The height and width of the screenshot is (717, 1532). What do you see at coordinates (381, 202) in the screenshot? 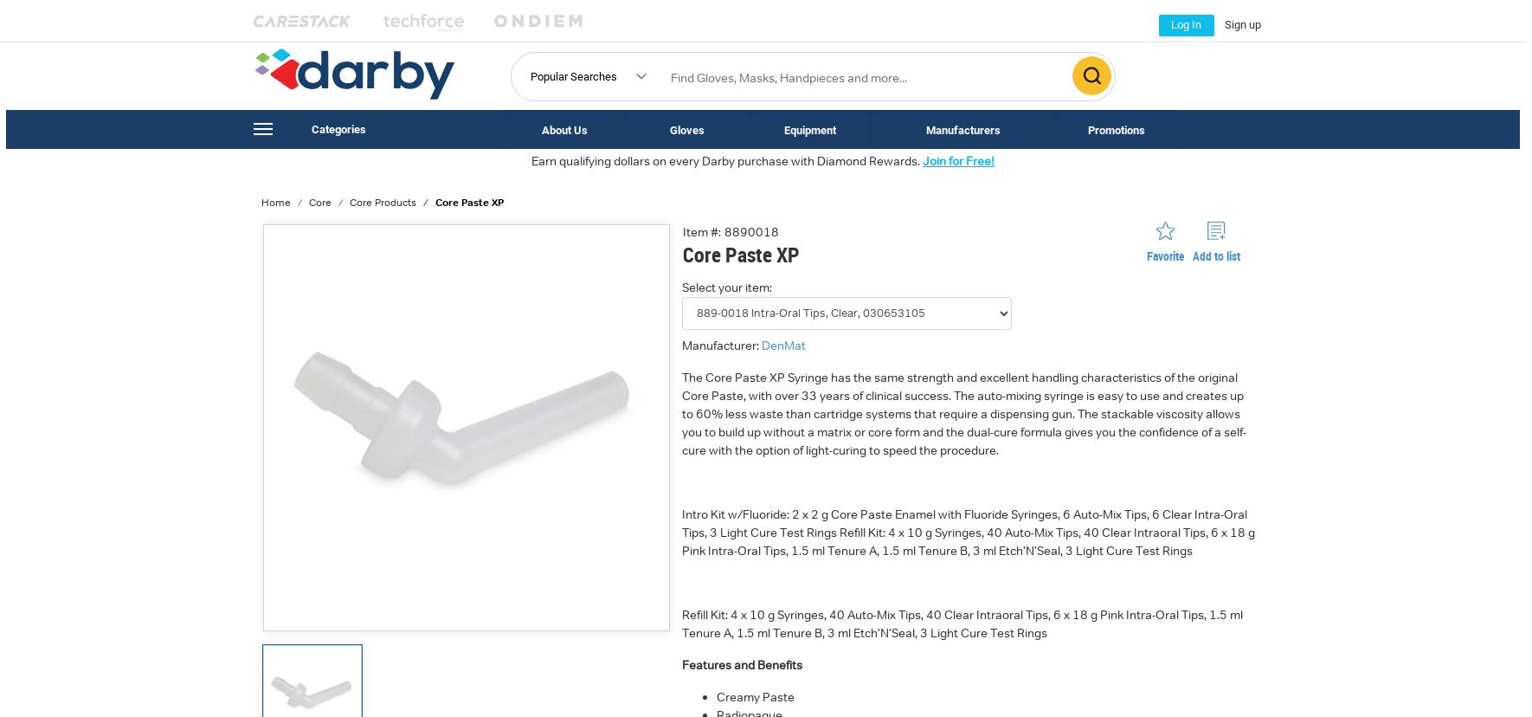
I see `'Core Products'` at bounding box center [381, 202].